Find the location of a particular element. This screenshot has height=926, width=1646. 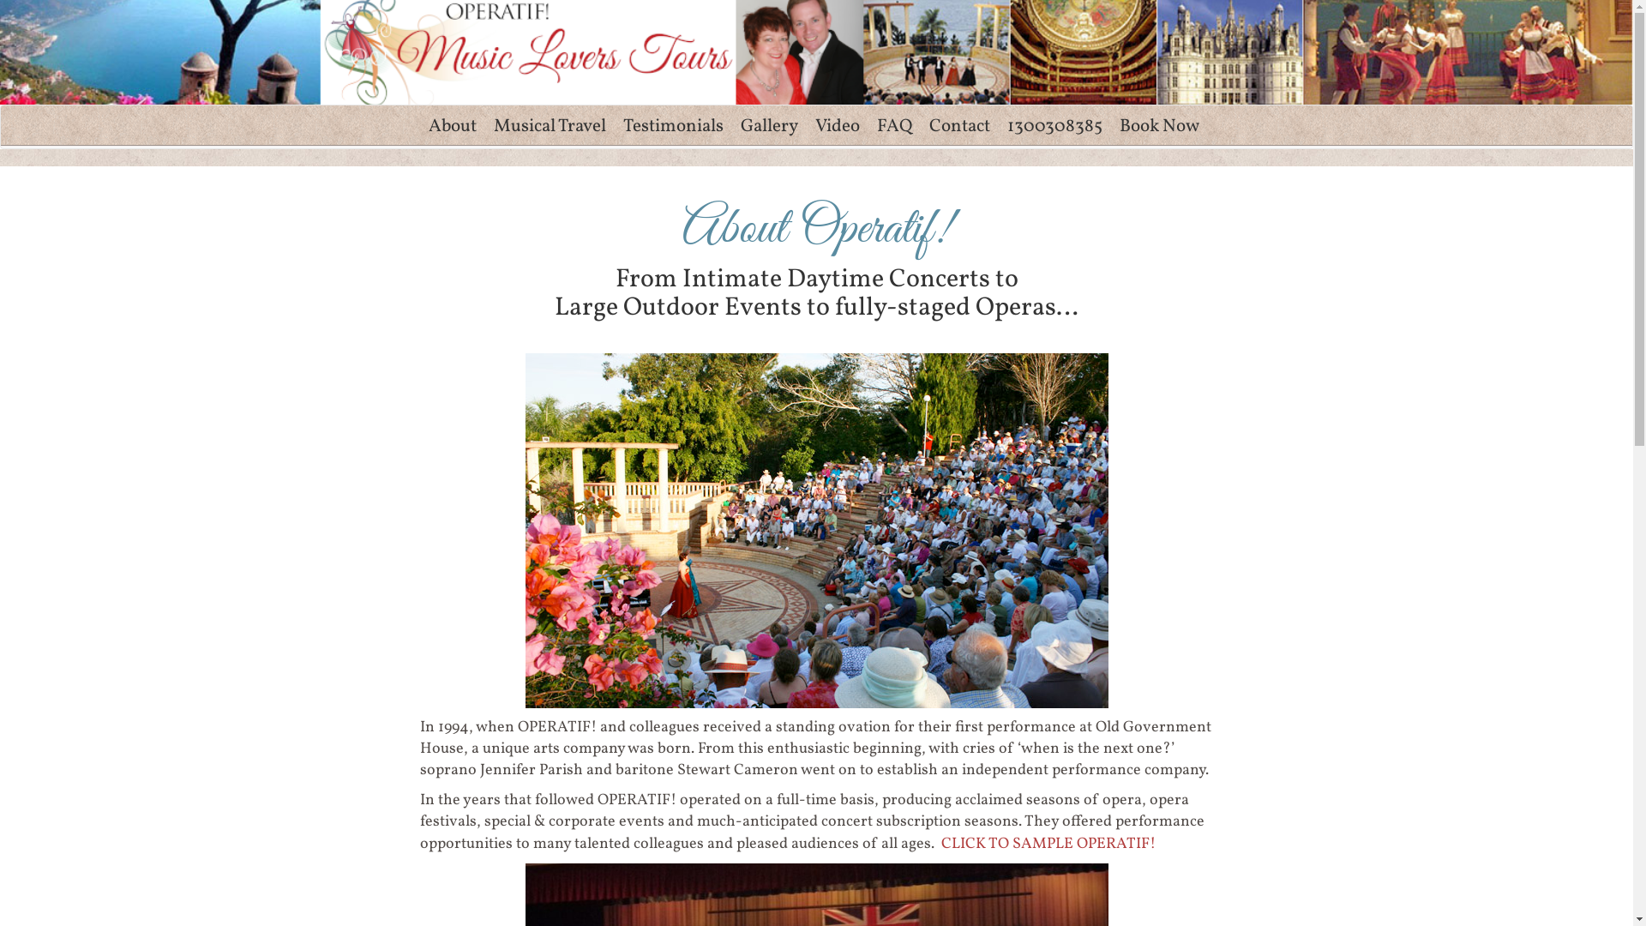

'Testimonials' is located at coordinates (671, 125).